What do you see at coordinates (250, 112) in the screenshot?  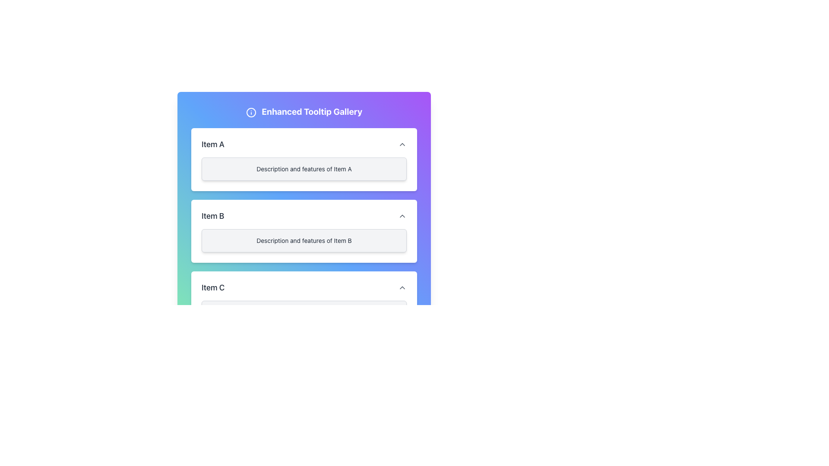 I see `the icon located at the left end of the 'Enhanced Tooltip Gallery' heading, which is used to provide additional information or context` at bounding box center [250, 112].